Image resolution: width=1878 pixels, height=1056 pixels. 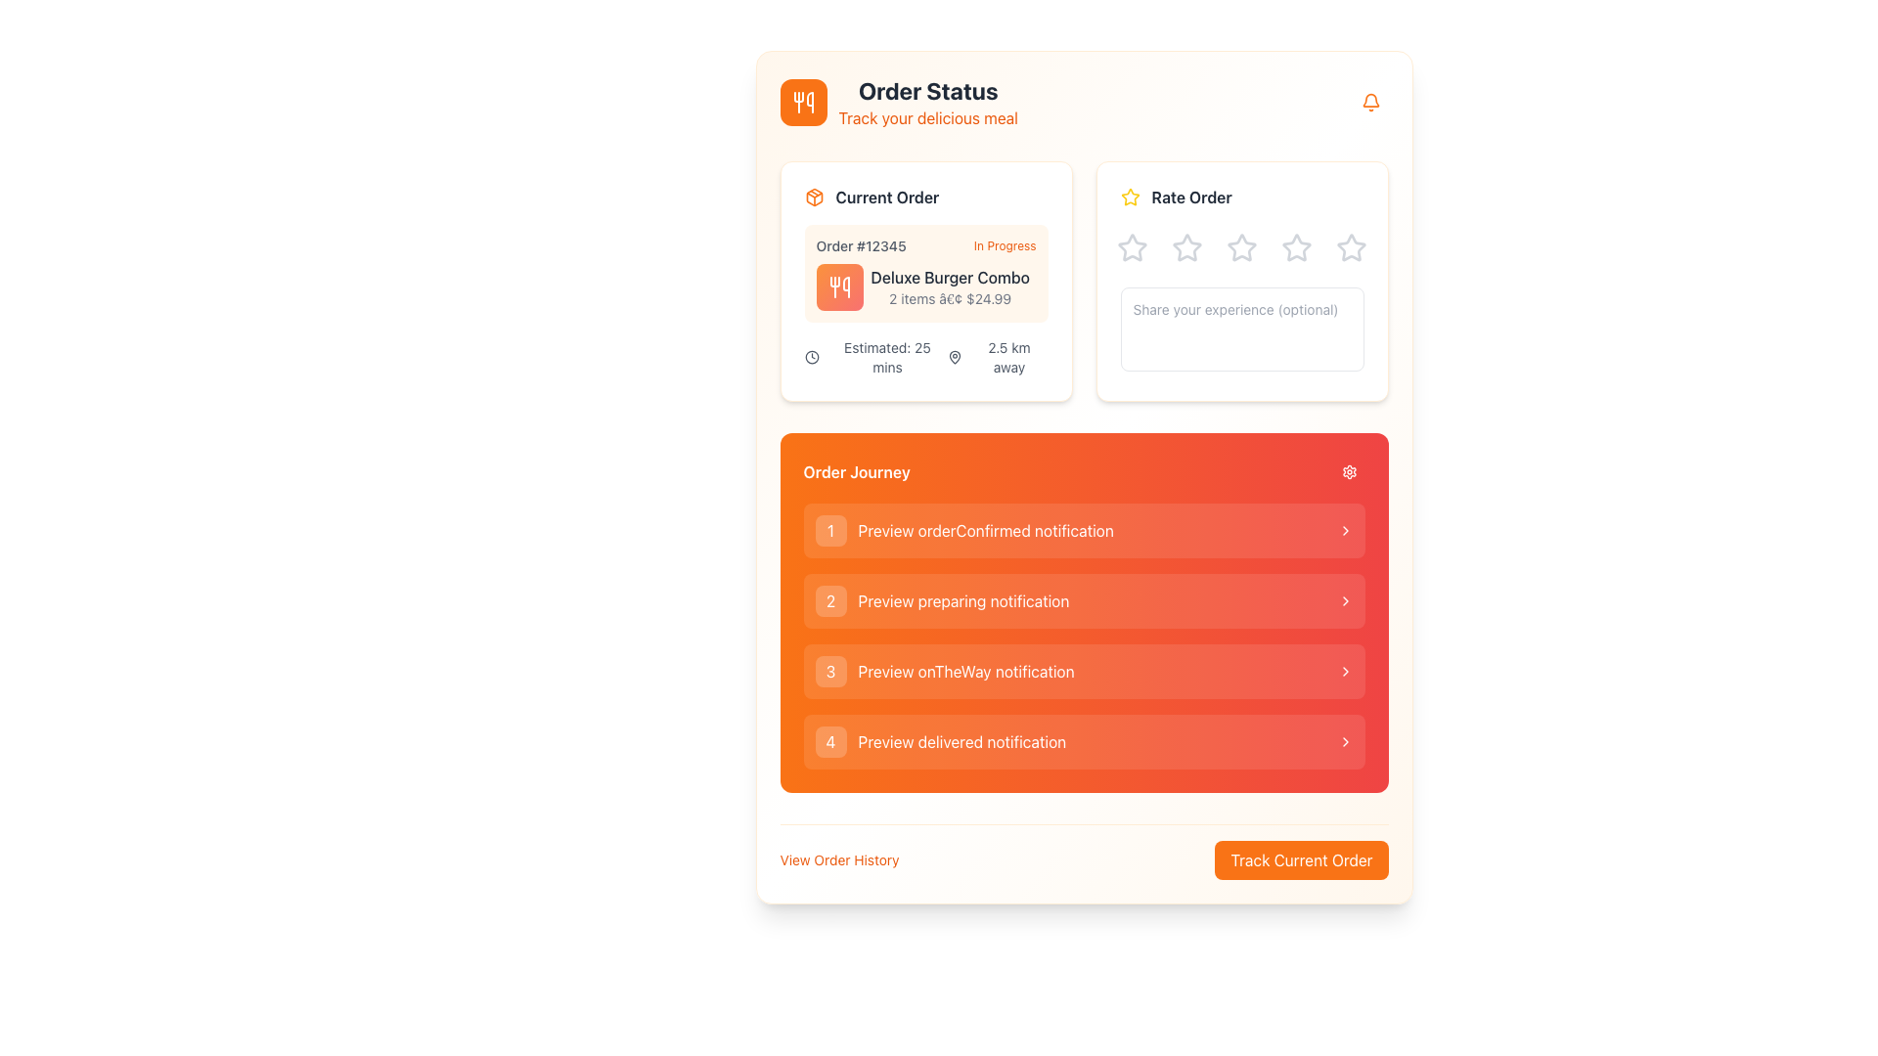 I want to click on graphical icon representing utensils located at the top-left corner of the interface, inside the orange square next to the text 'Order Status', so click(x=810, y=102).